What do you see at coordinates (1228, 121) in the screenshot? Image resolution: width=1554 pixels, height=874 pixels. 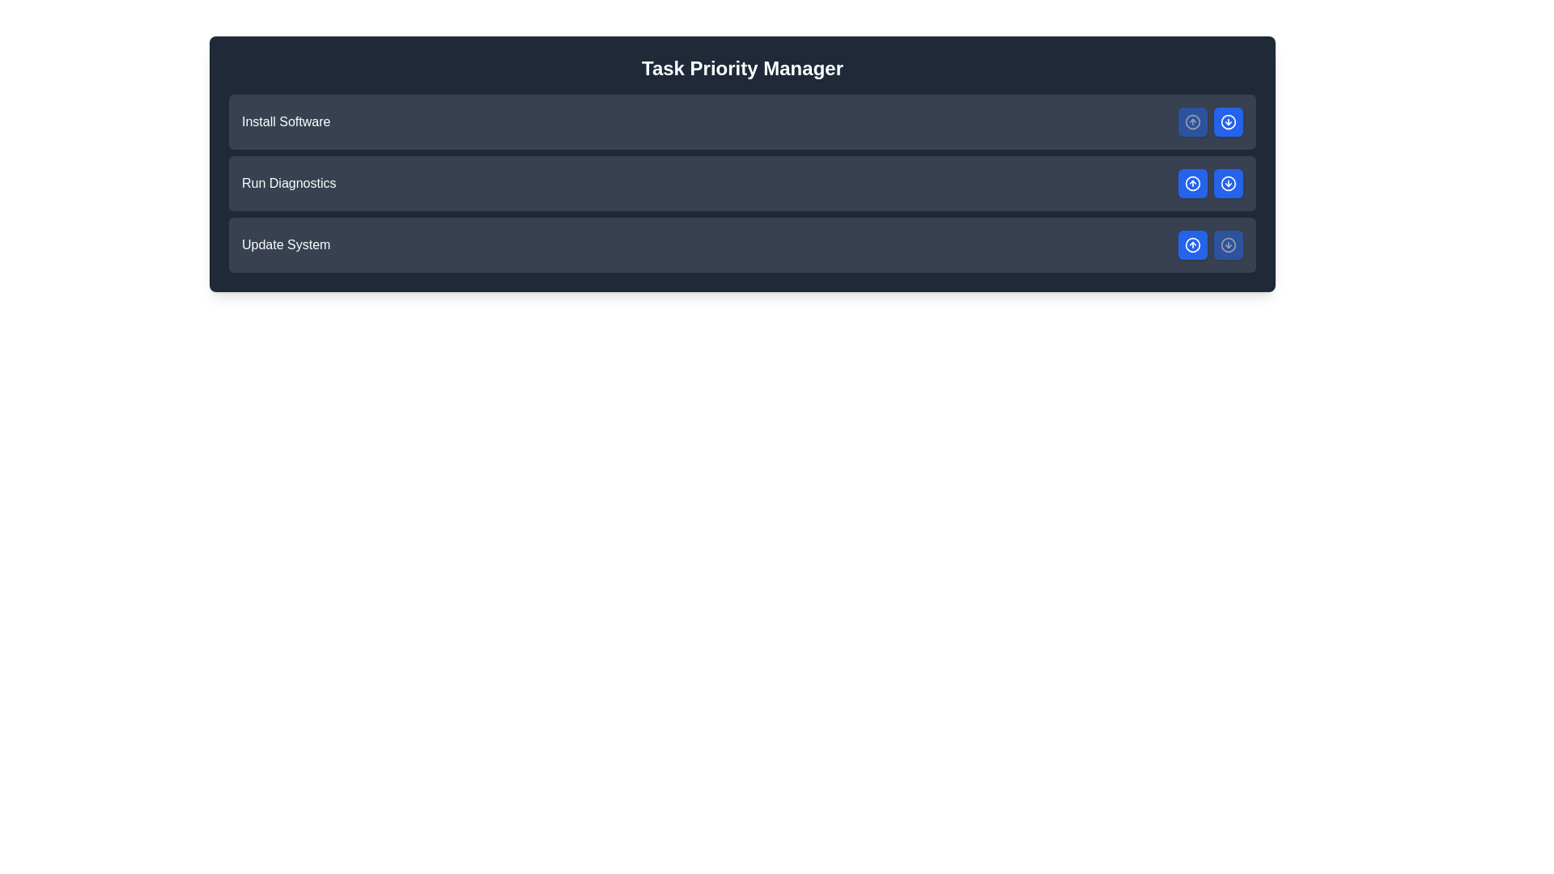 I see `the blue button with a white circular arrow pointing downwards, located to the right of the 'Run Diagnostics' item in the vertical list of tasks` at bounding box center [1228, 121].